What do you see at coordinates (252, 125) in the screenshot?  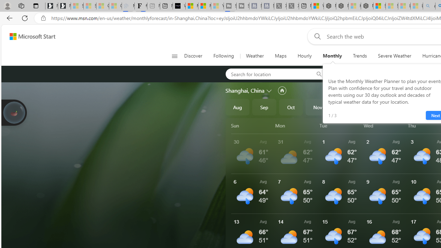 I see `'Sun'` at bounding box center [252, 125].